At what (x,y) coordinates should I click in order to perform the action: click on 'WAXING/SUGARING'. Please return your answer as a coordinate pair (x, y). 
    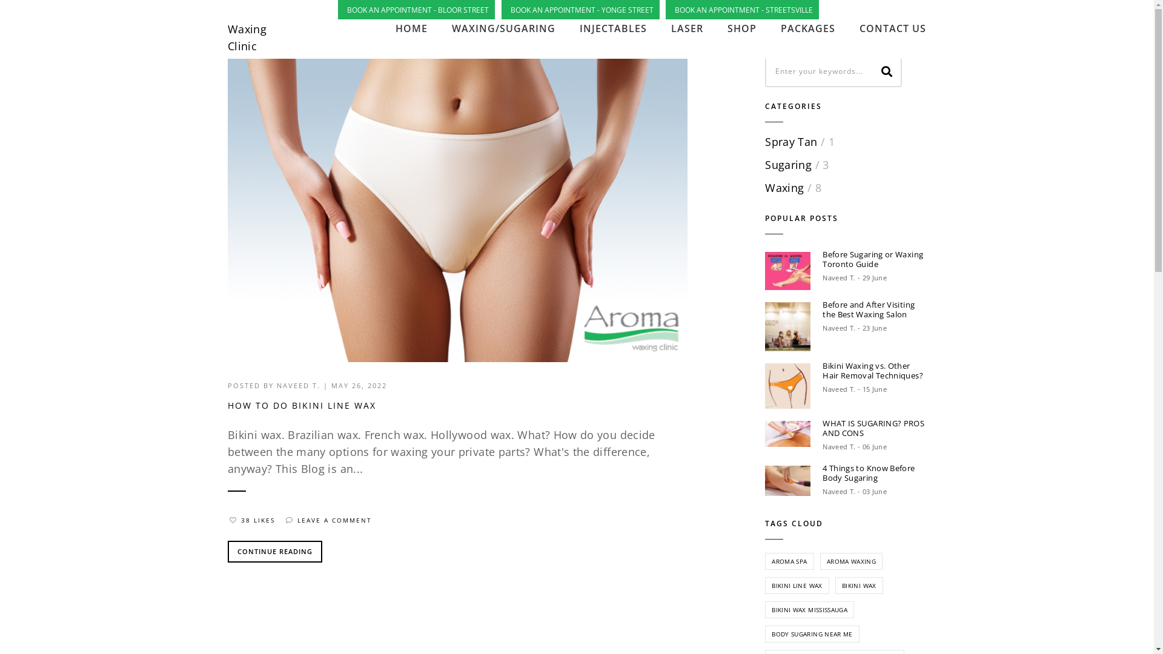
    Looking at the image, I should click on (503, 28).